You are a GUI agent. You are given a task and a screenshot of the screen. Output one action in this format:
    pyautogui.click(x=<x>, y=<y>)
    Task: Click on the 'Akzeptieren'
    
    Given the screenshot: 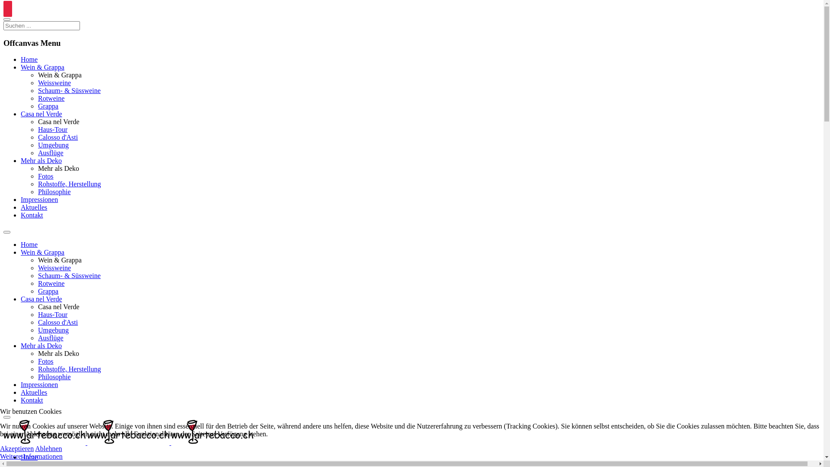 What is the action you would take?
    pyautogui.click(x=16, y=448)
    